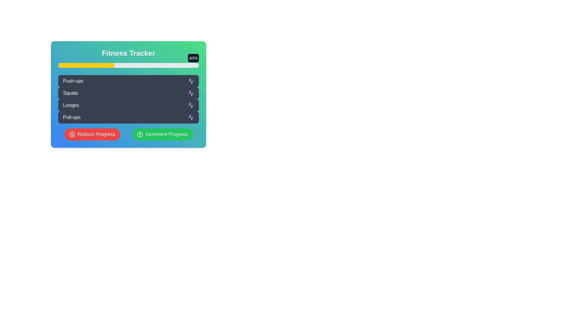 This screenshot has width=582, height=327. I want to click on the red circular button labeled 'Reduce Progress', so click(92, 134).